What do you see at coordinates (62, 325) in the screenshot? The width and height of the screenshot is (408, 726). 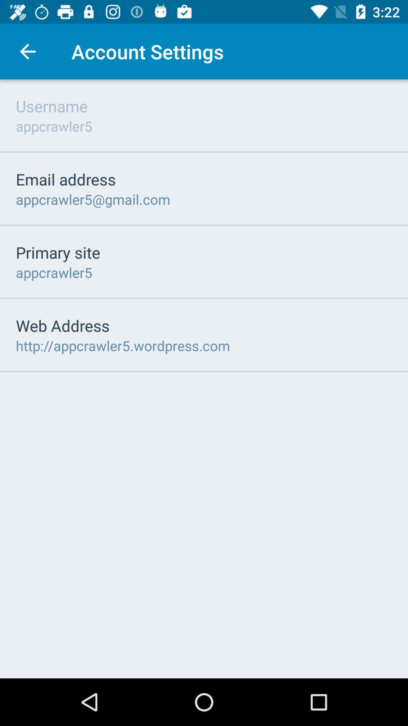 I see `web address item` at bounding box center [62, 325].